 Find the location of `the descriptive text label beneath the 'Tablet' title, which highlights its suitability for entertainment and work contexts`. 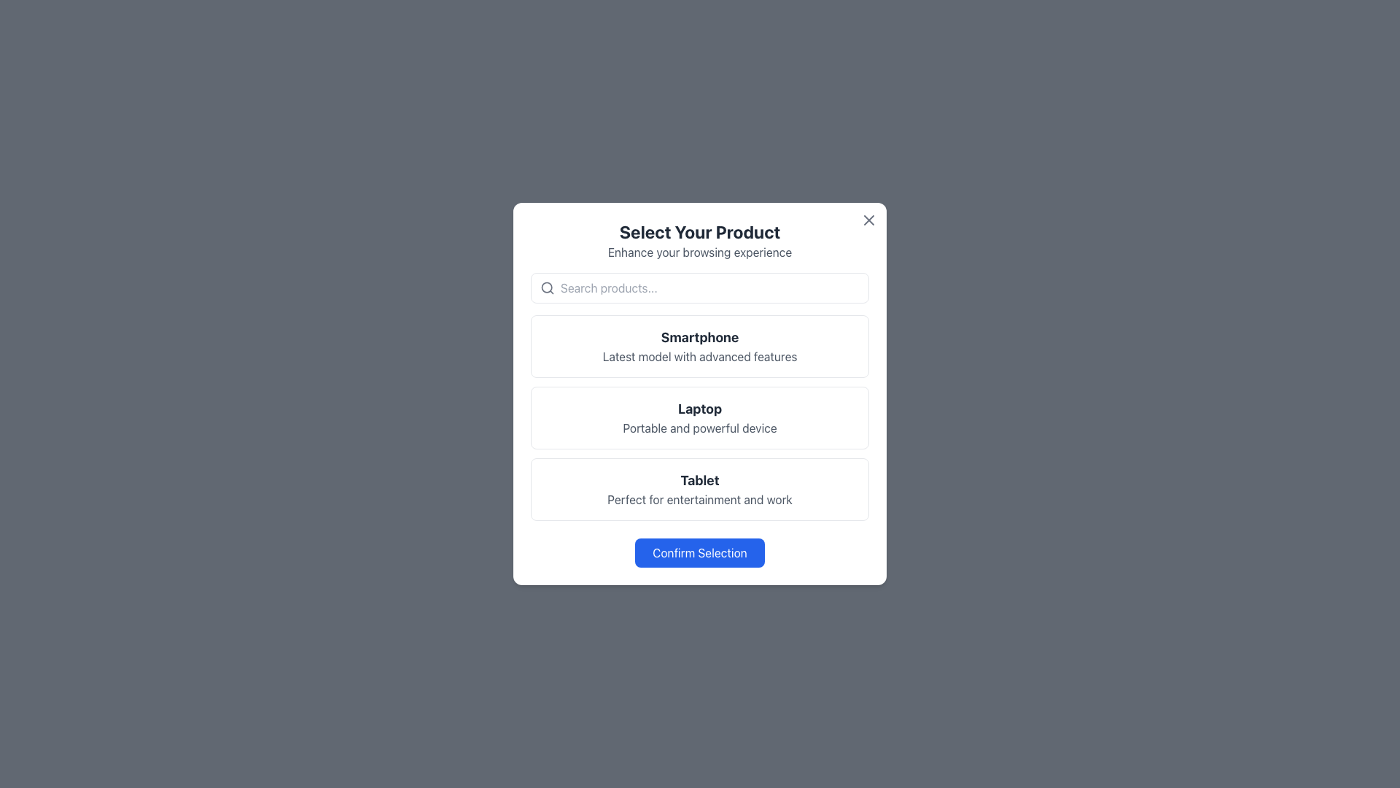

the descriptive text label beneath the 'Tablet' title, which highlights its suitability for entertainment and work contexts is located at coordinates (700, 499).